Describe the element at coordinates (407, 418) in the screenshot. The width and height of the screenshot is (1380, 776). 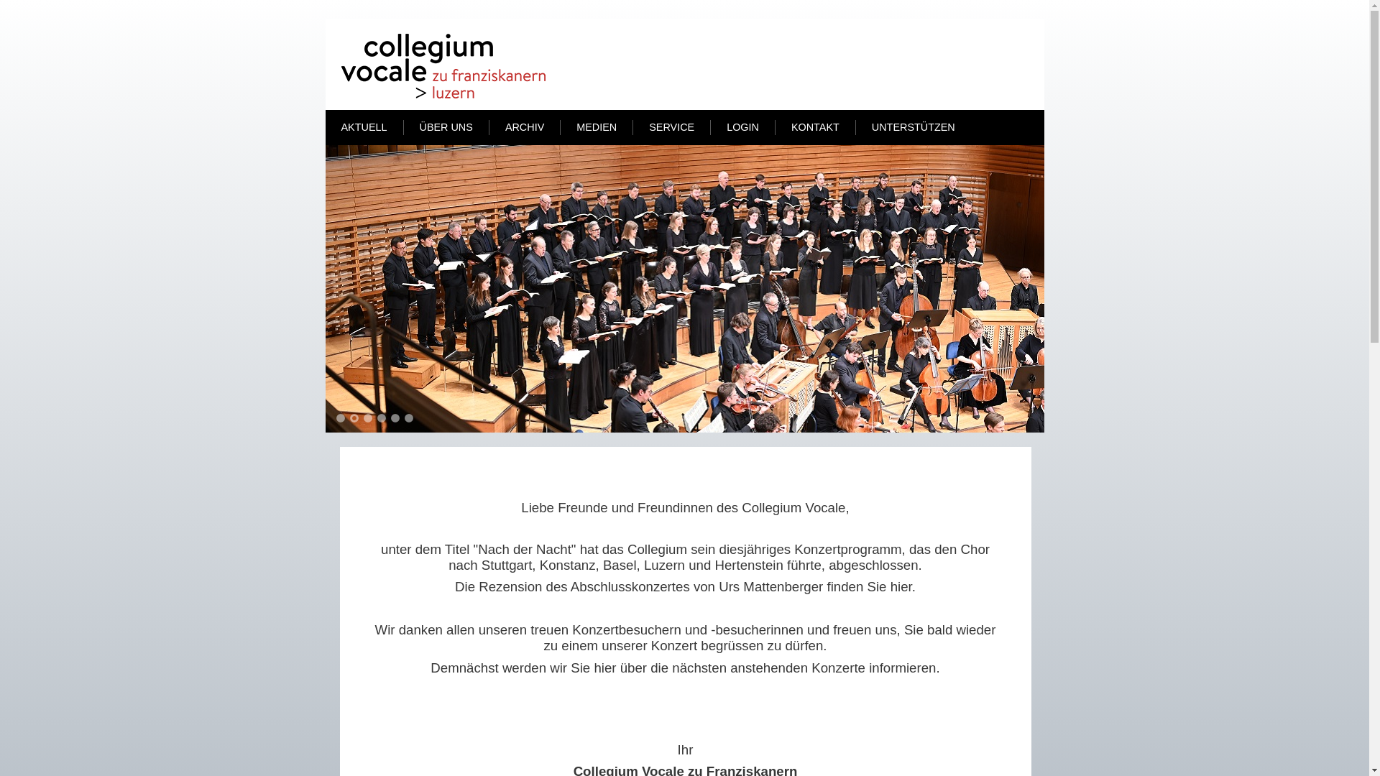
I see `'6'` at that location.